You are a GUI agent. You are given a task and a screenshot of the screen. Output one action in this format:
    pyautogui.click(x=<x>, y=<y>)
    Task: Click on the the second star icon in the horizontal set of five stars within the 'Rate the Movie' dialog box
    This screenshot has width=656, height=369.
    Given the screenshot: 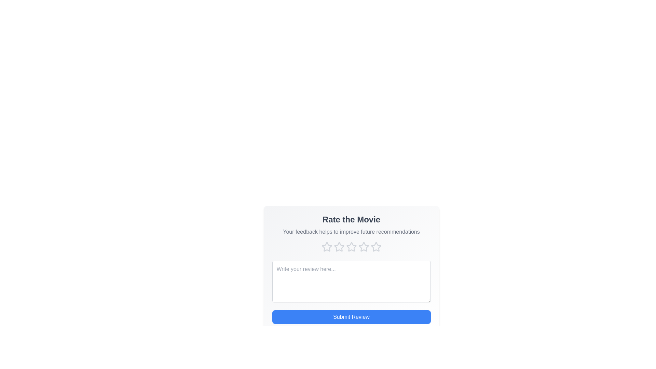 What is the action you would take?
    pyautogui.click(x=339, y=247)
    